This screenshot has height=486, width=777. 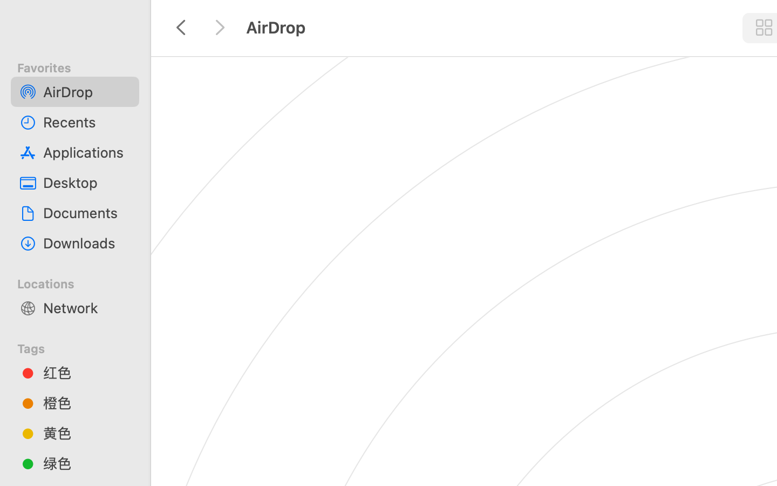 What do you see at coordinates (86, 307) in the screenshot?
I see `'Network'` at bounding box center [86, 307].